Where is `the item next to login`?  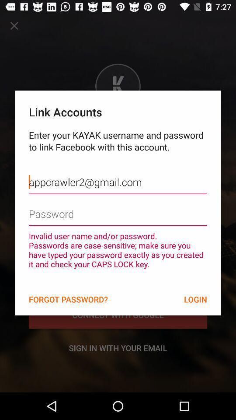
the item next to login is located at coordinates (68, 299).